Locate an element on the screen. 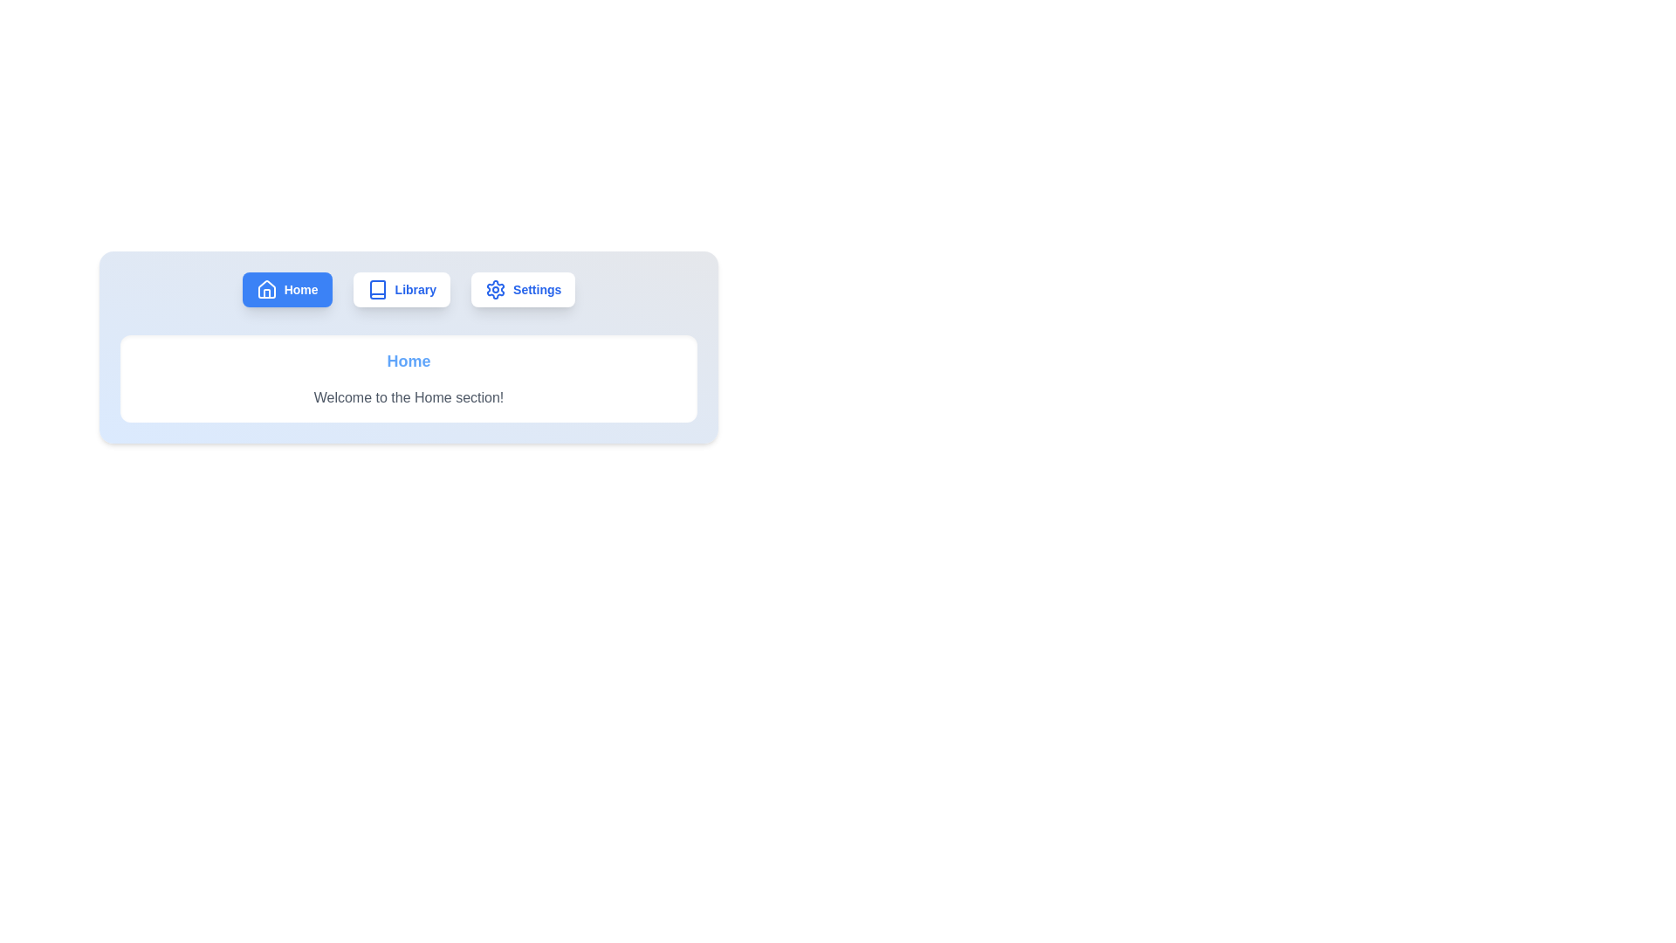 The image size is (1676, 943). the tab labeled Settings is located at coordinates (522, 288).